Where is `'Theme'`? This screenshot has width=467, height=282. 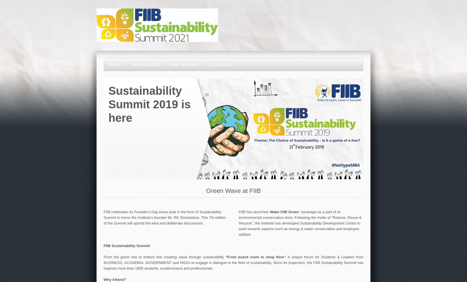 'Theme' is located at coordinates (108, 206).